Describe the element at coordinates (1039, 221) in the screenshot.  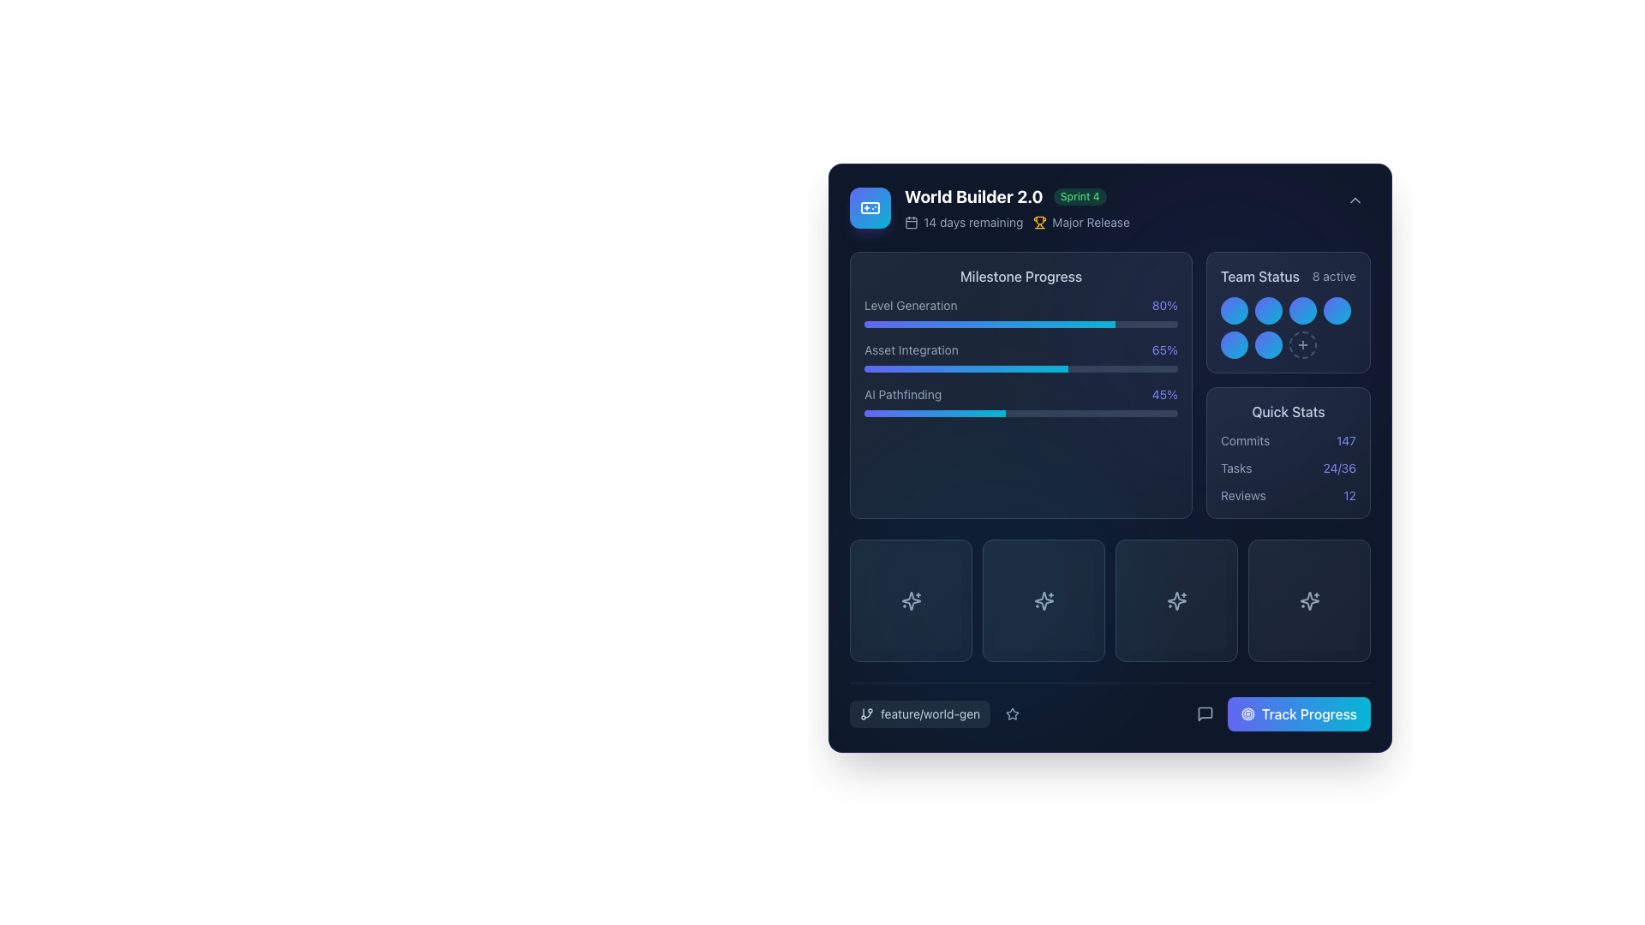
I see `properties of the trophy icon styled with a yellow fill, located next to the text 'Major Release', which is positioned at the top-right section of the main content card` at that location.